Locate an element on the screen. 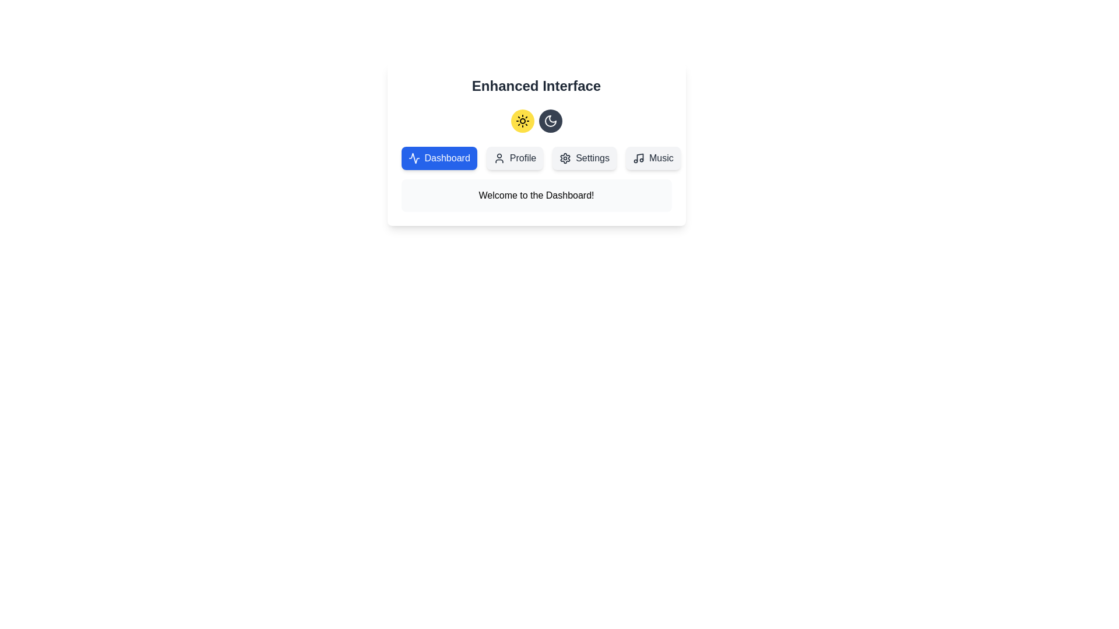  the 'Dashboard' button, which has a blue background and white text is located at coordinates (414, 158).